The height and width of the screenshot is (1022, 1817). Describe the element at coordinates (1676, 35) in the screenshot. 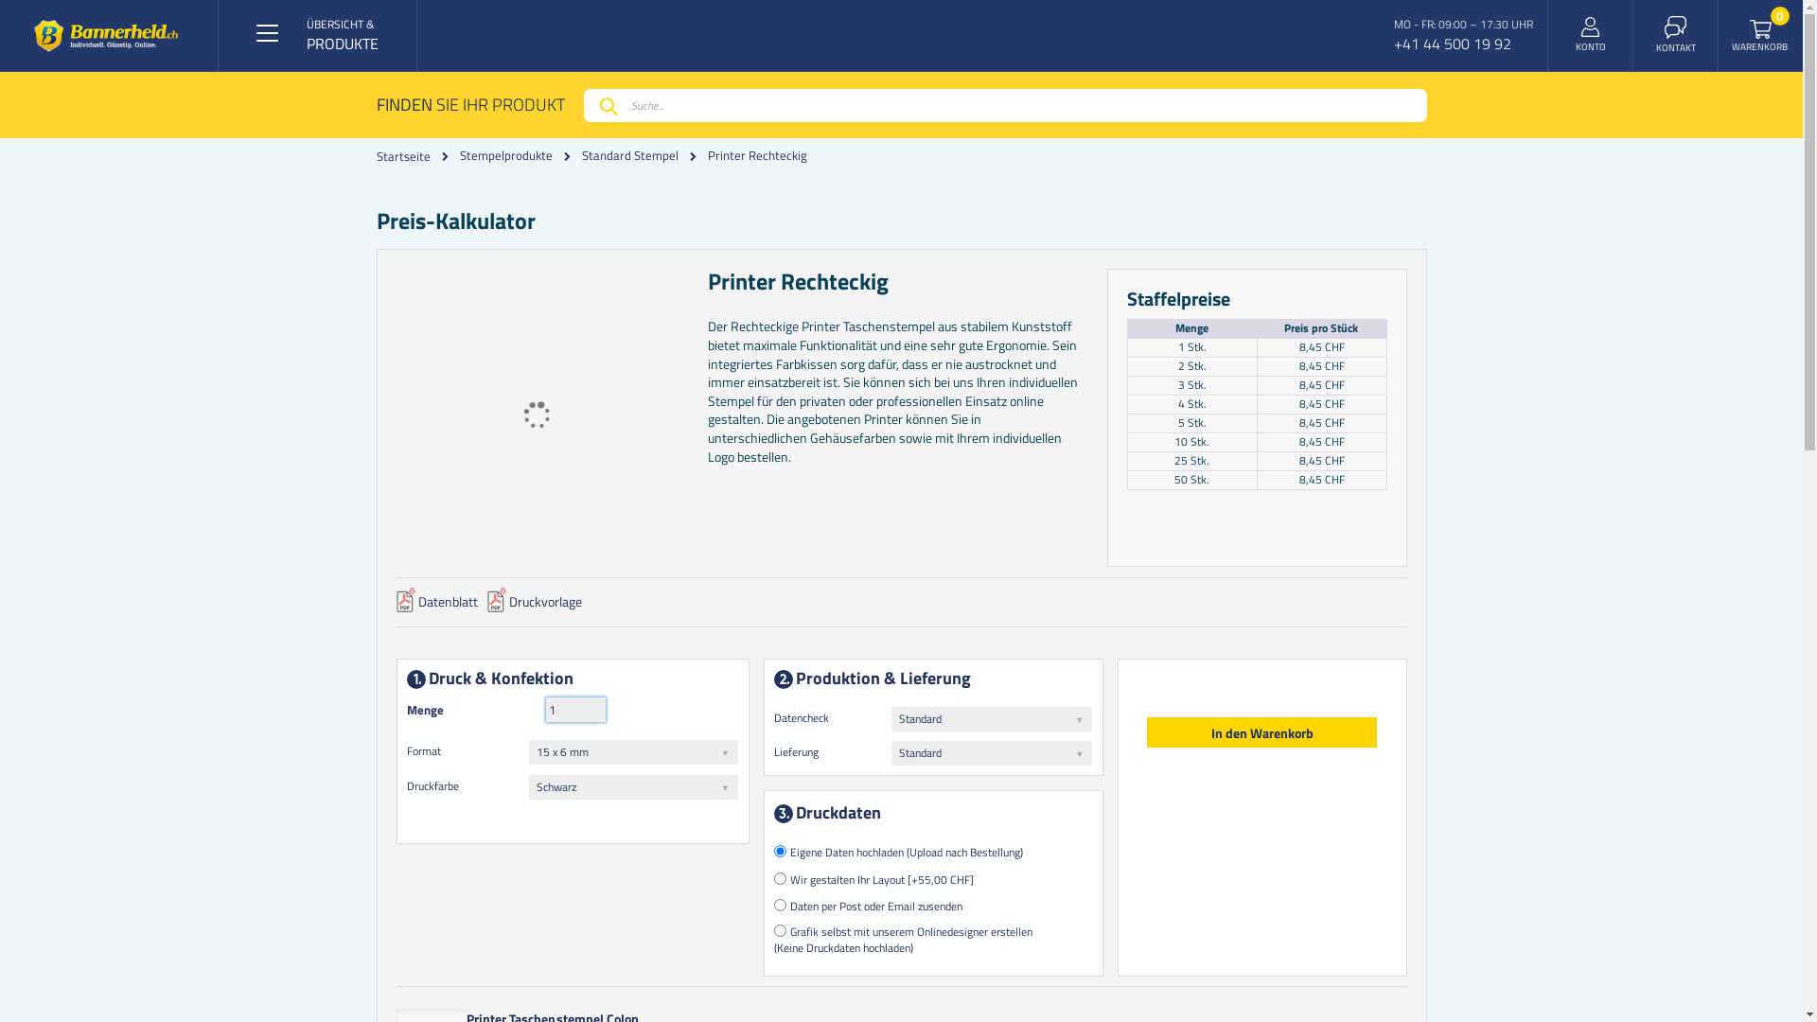

I see `'KONTAKT'` at that location.